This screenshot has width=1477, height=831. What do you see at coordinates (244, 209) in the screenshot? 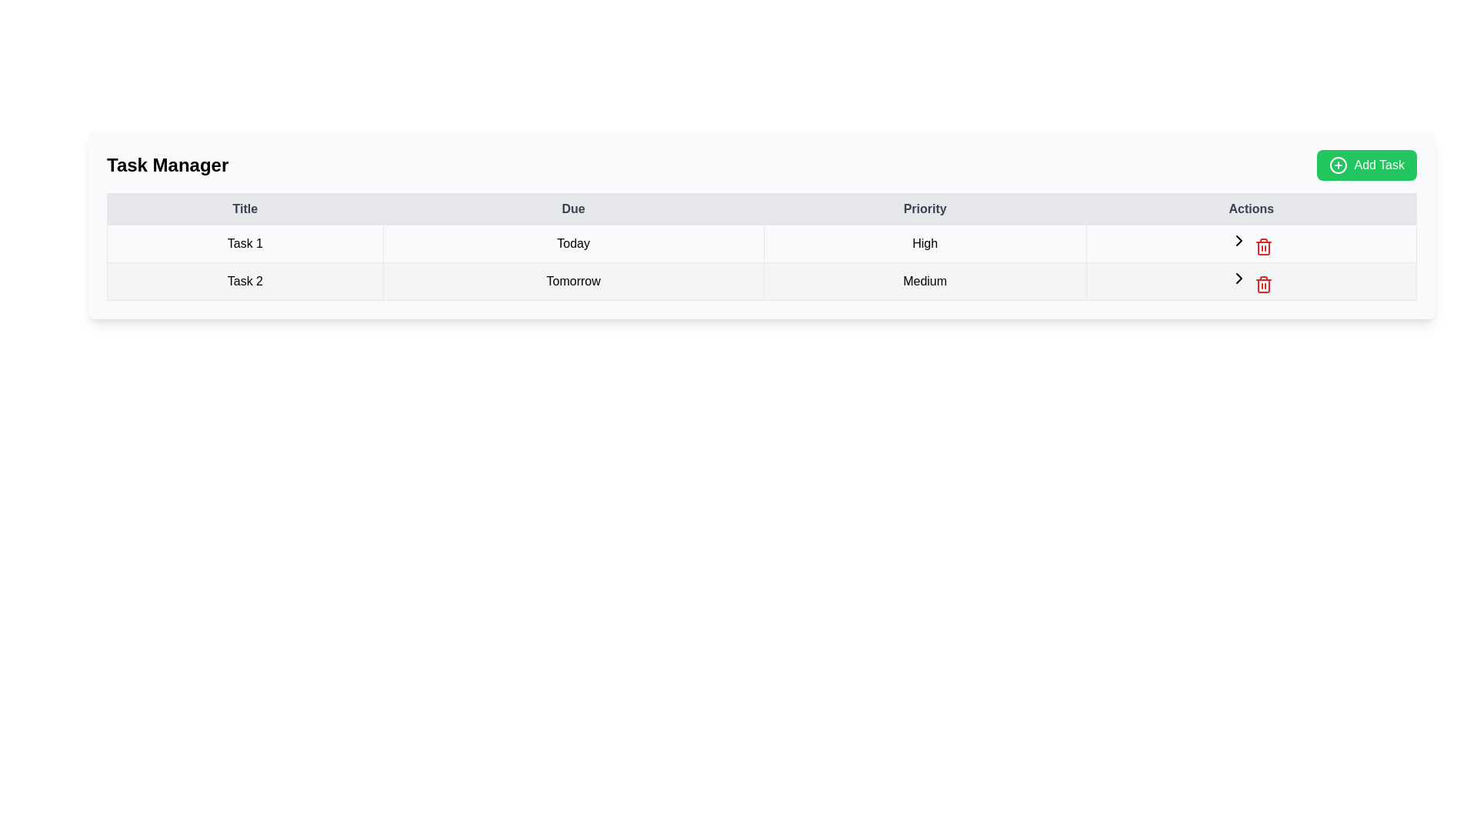
I see `the header text labeled 'Title' which is the first column in the table header row, styled in bold typography and lightly bordered` at bounding box center [244, 209].